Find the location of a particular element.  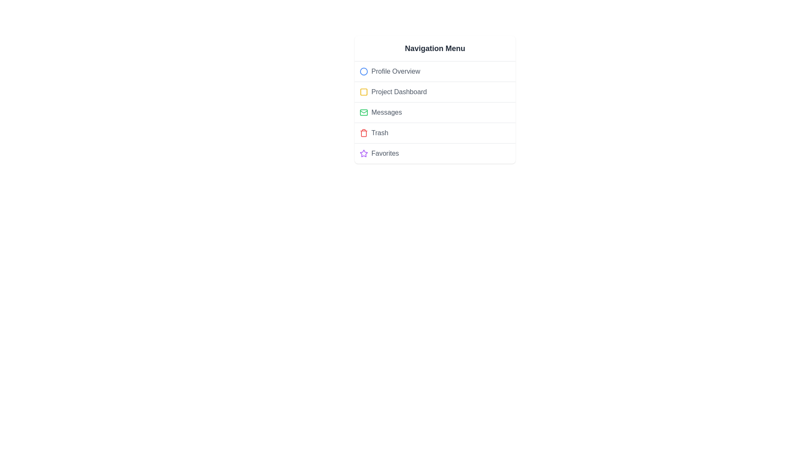

the menu item labeled Trash is located at coordinates (435, 132).